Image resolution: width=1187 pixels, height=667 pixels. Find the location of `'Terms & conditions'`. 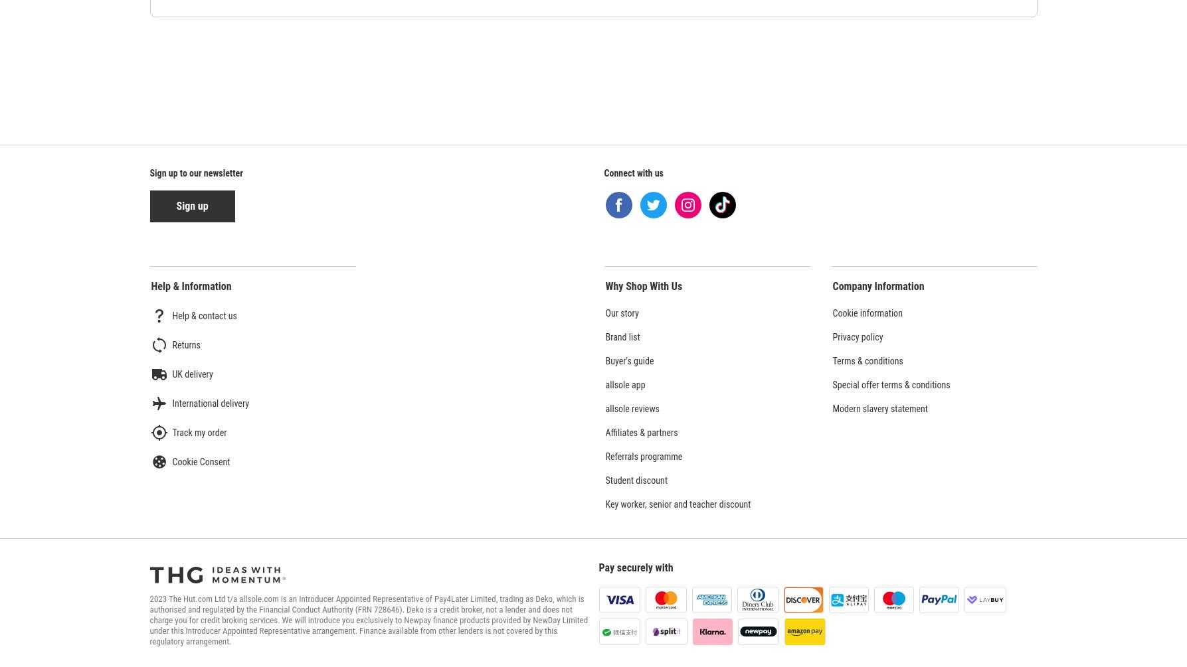

'Terms & conditions' is located at coordinates (866, 360).